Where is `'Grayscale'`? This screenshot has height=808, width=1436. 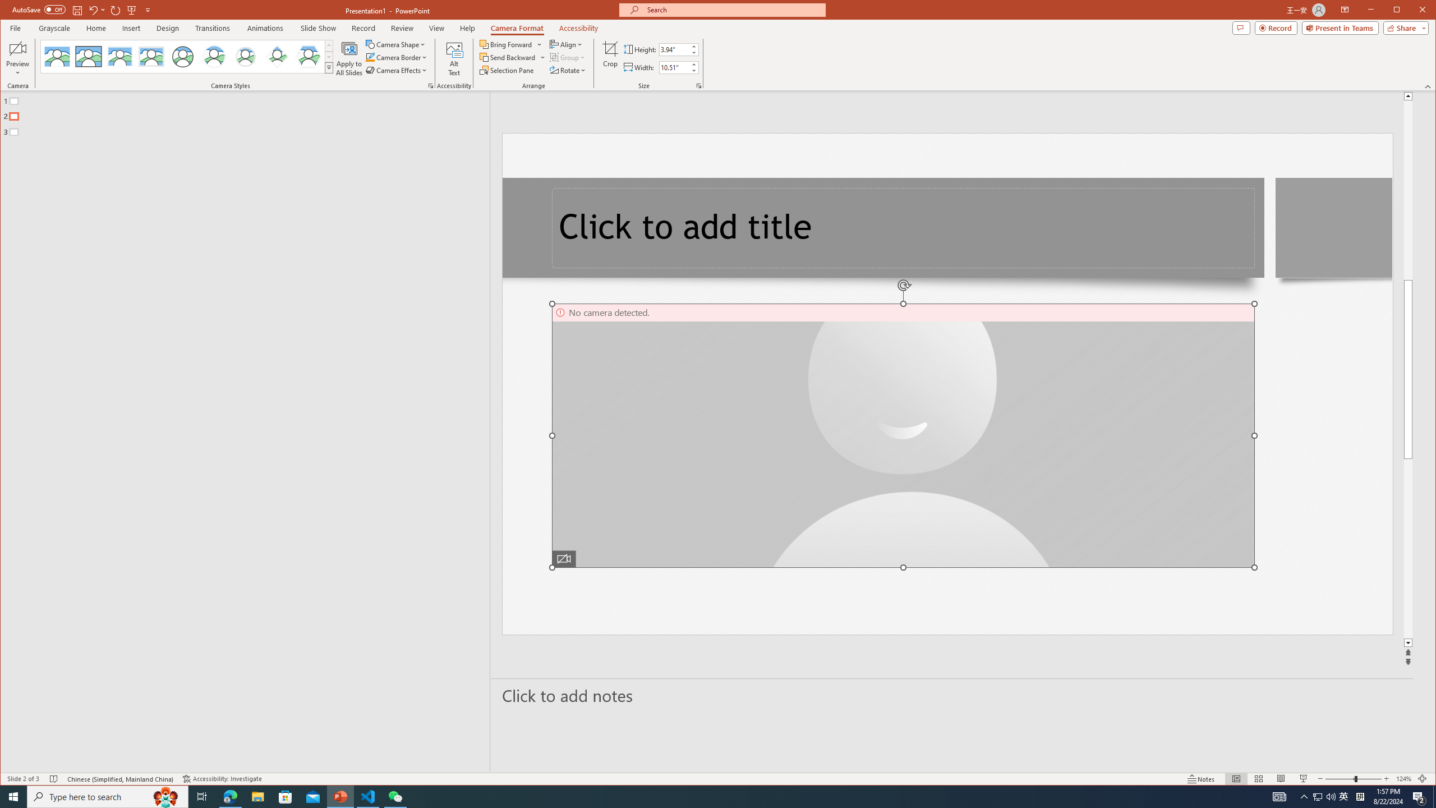
'Grayscale' is located at coordinates (54, 27).